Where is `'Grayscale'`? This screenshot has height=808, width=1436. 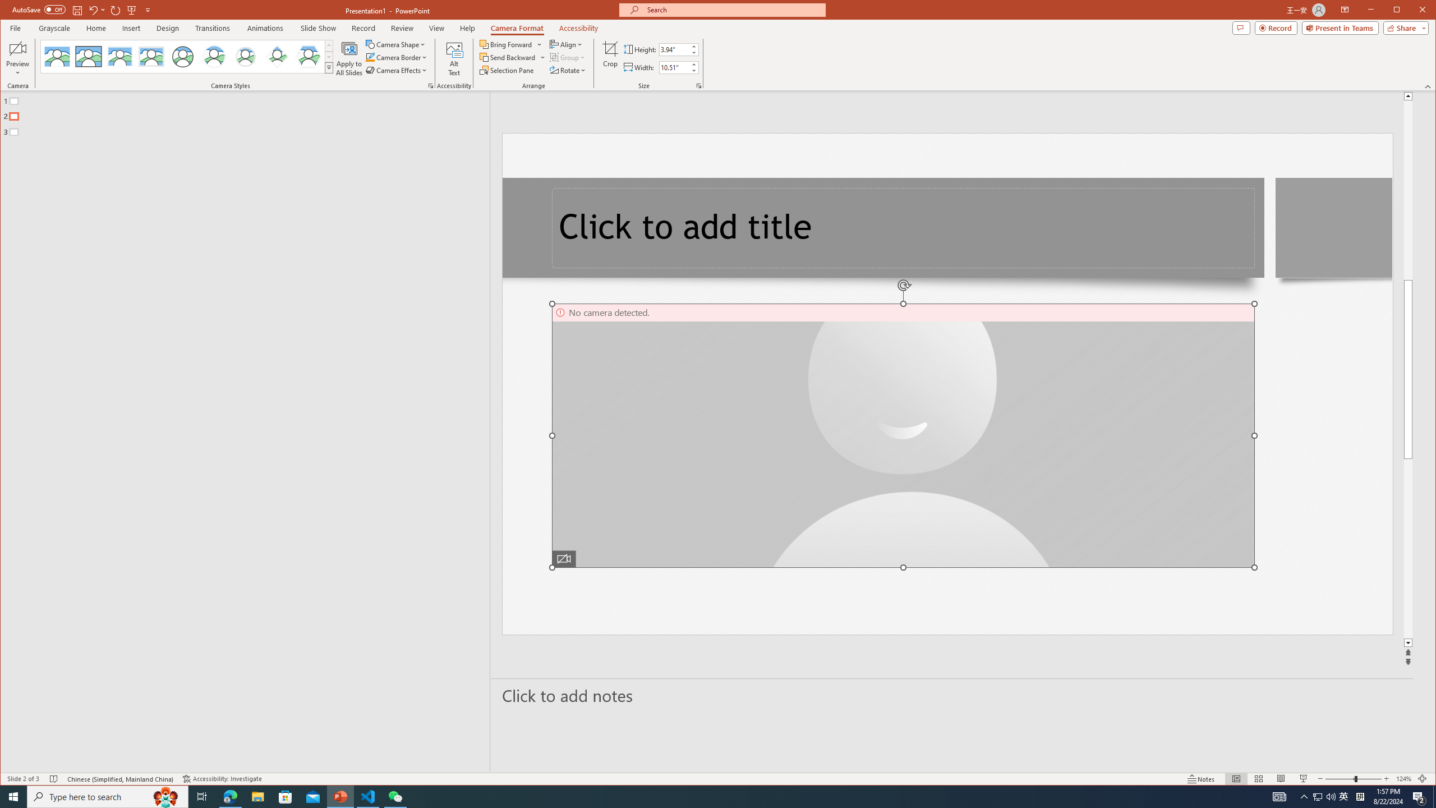
'Grayscale' is located at coordinates (54, 27).